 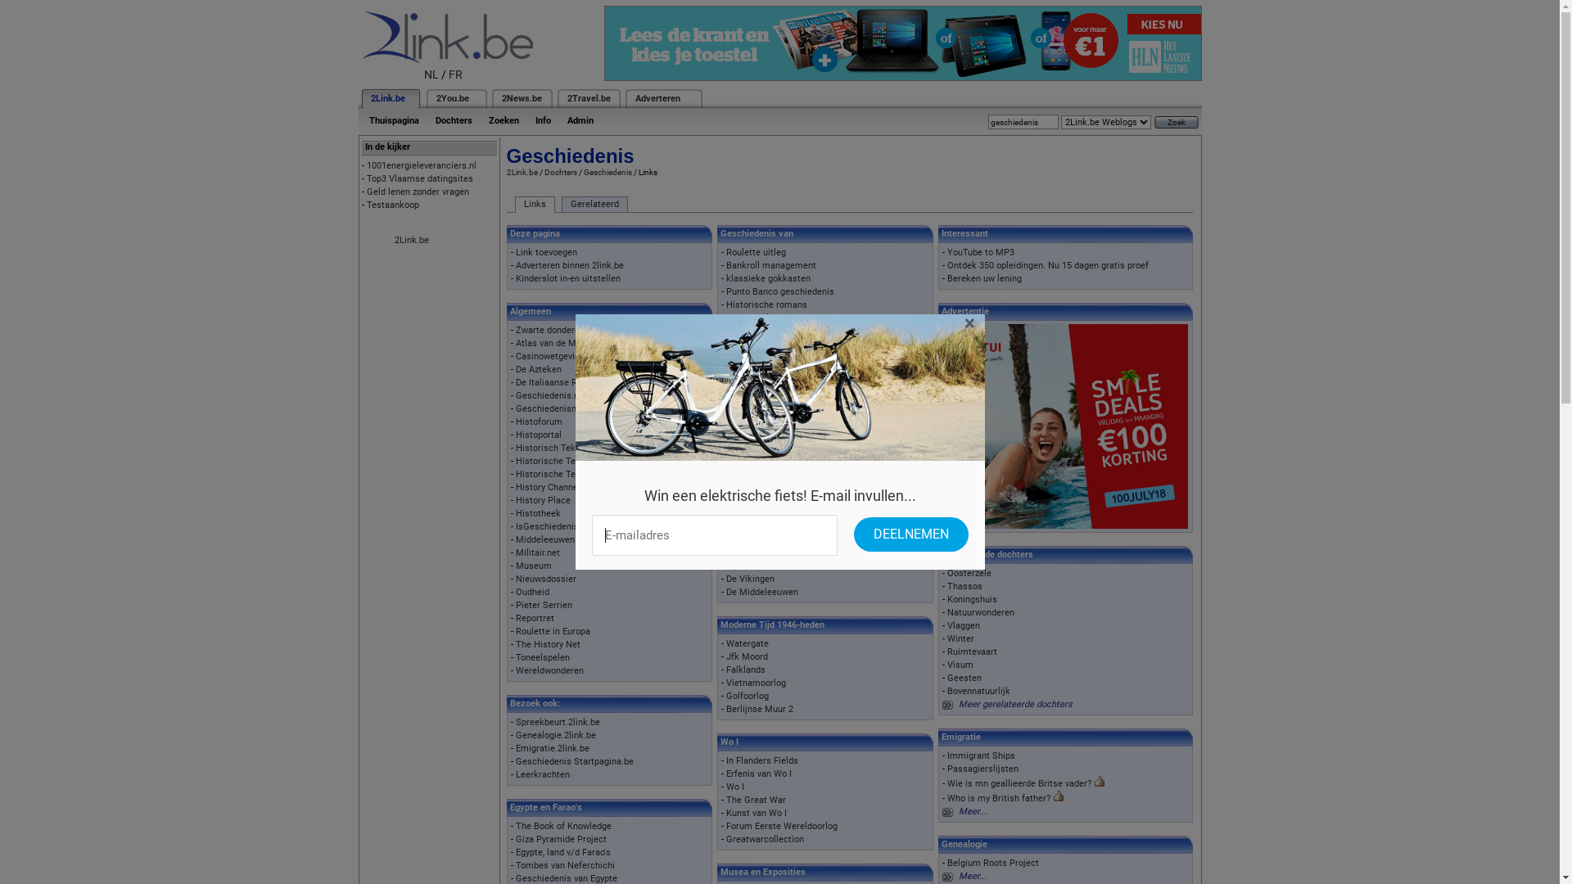 What do you see at coordinates (972, 811) in the screenshot?
I see `'Meer...'` at bounding box center [972, 811].